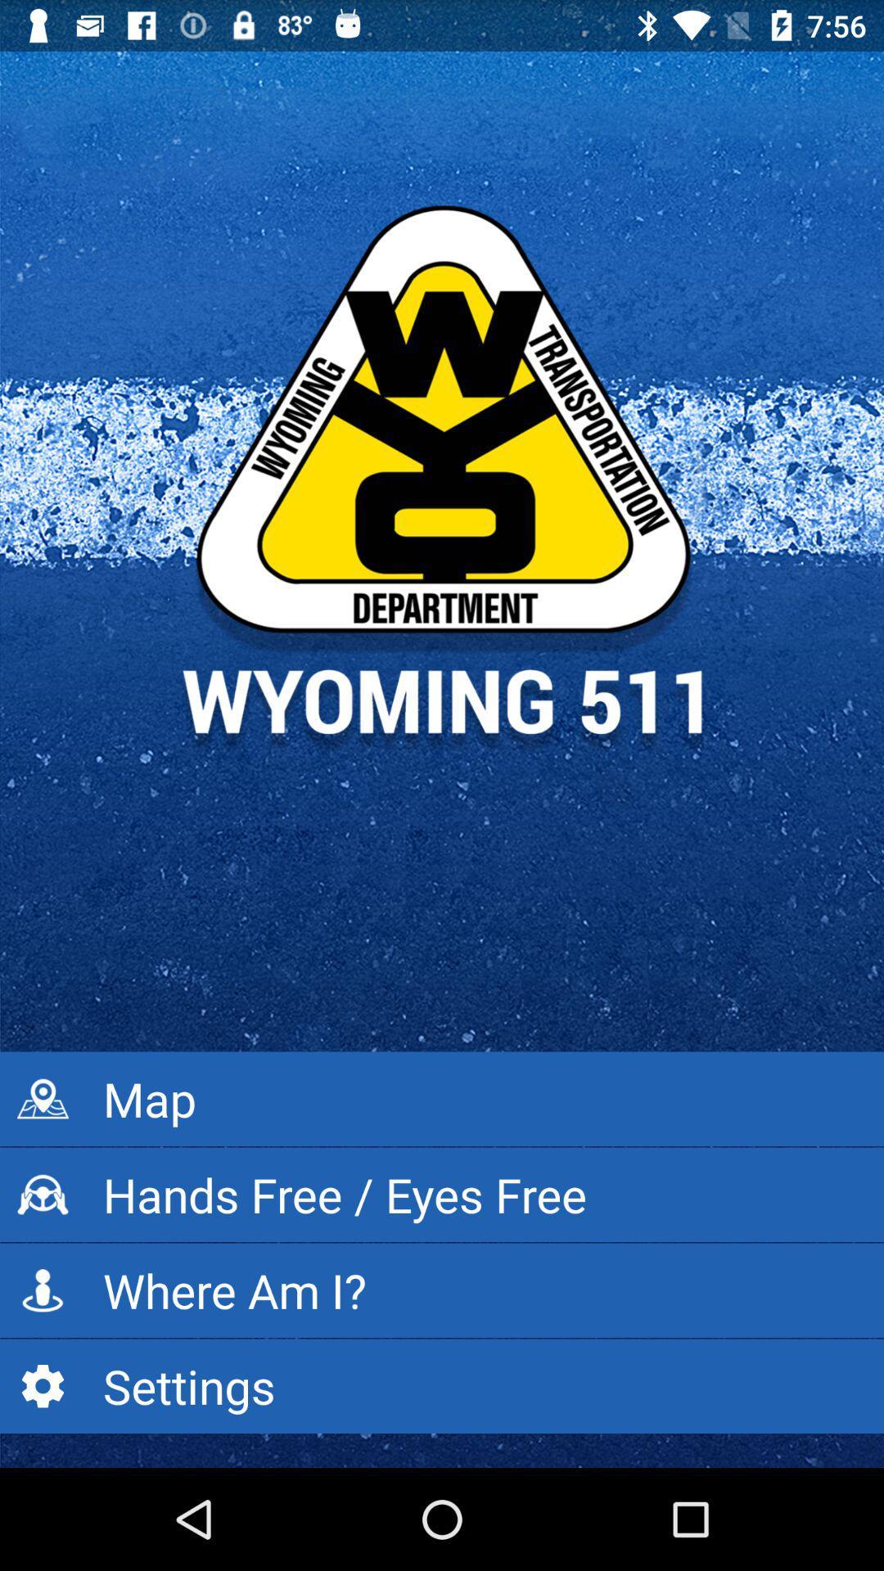  Describe the element at coordinates (442, 1290) in the screenshot. I see `the app above the settings app` at that location.